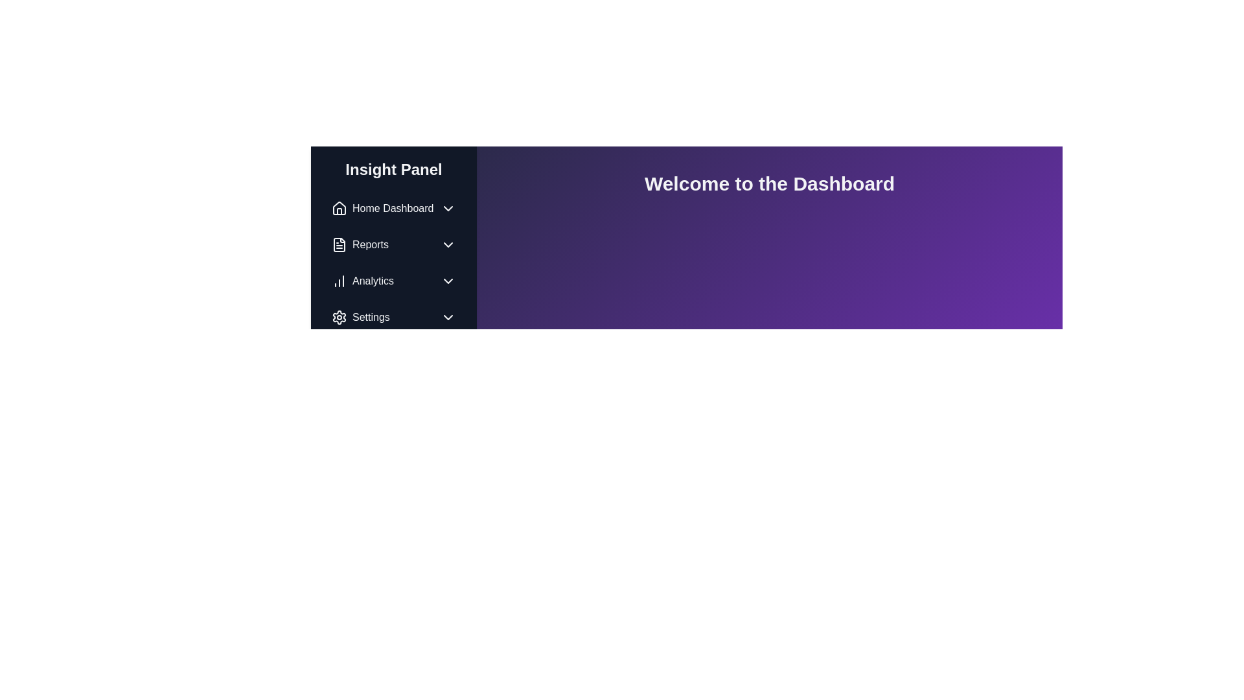 The height and width of the screenshot is (700, 1244). What do you see at coordinates (370, 317) in the screenshot?
I see `the Text Label in the left navigation panel that serves as an identifier for settings, located below 'Home Dashboard,' 'Reports,' and 'Analytics,' and aligned to the right of a gear icon` at bounding box center [370, 317].